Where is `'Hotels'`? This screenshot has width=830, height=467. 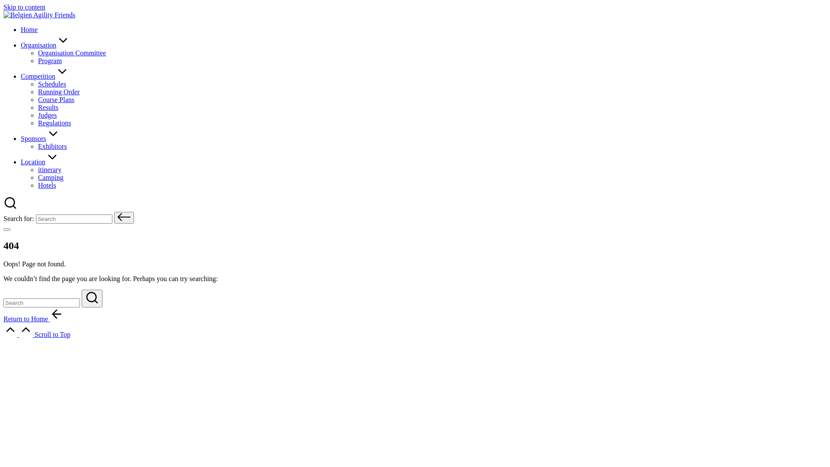 'Hotels' is located at coordinates (37, 185).